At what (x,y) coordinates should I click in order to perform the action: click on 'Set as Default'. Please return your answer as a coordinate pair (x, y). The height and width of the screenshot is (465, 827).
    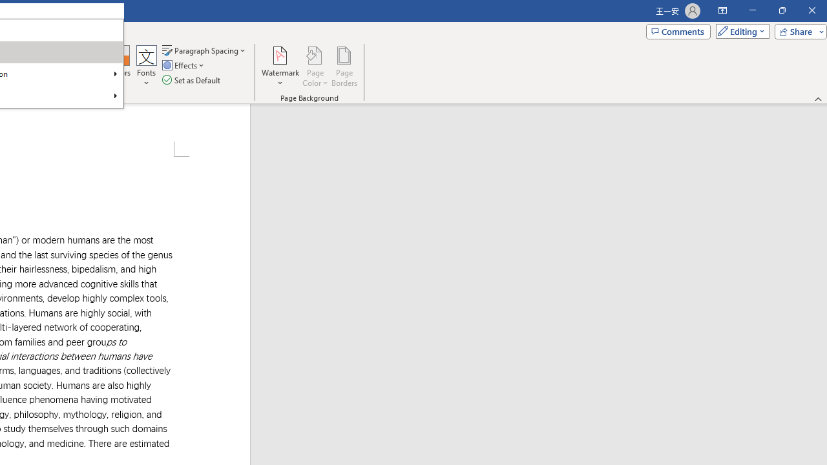
    Looking at the image, I should click on (192, 80).